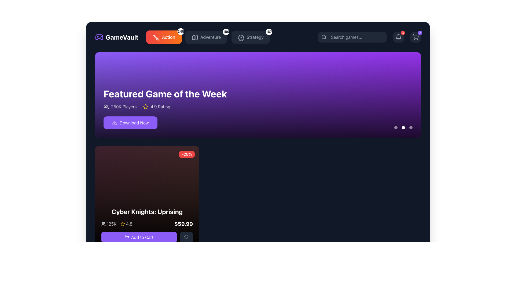  Describe the element at coordinates (111, 224) in the screenshot. I see `the text label displaying '125K' in a gray font, which is aligned with user engagement metrics under the 'Cyber Knights: Uprising' card` at that location.